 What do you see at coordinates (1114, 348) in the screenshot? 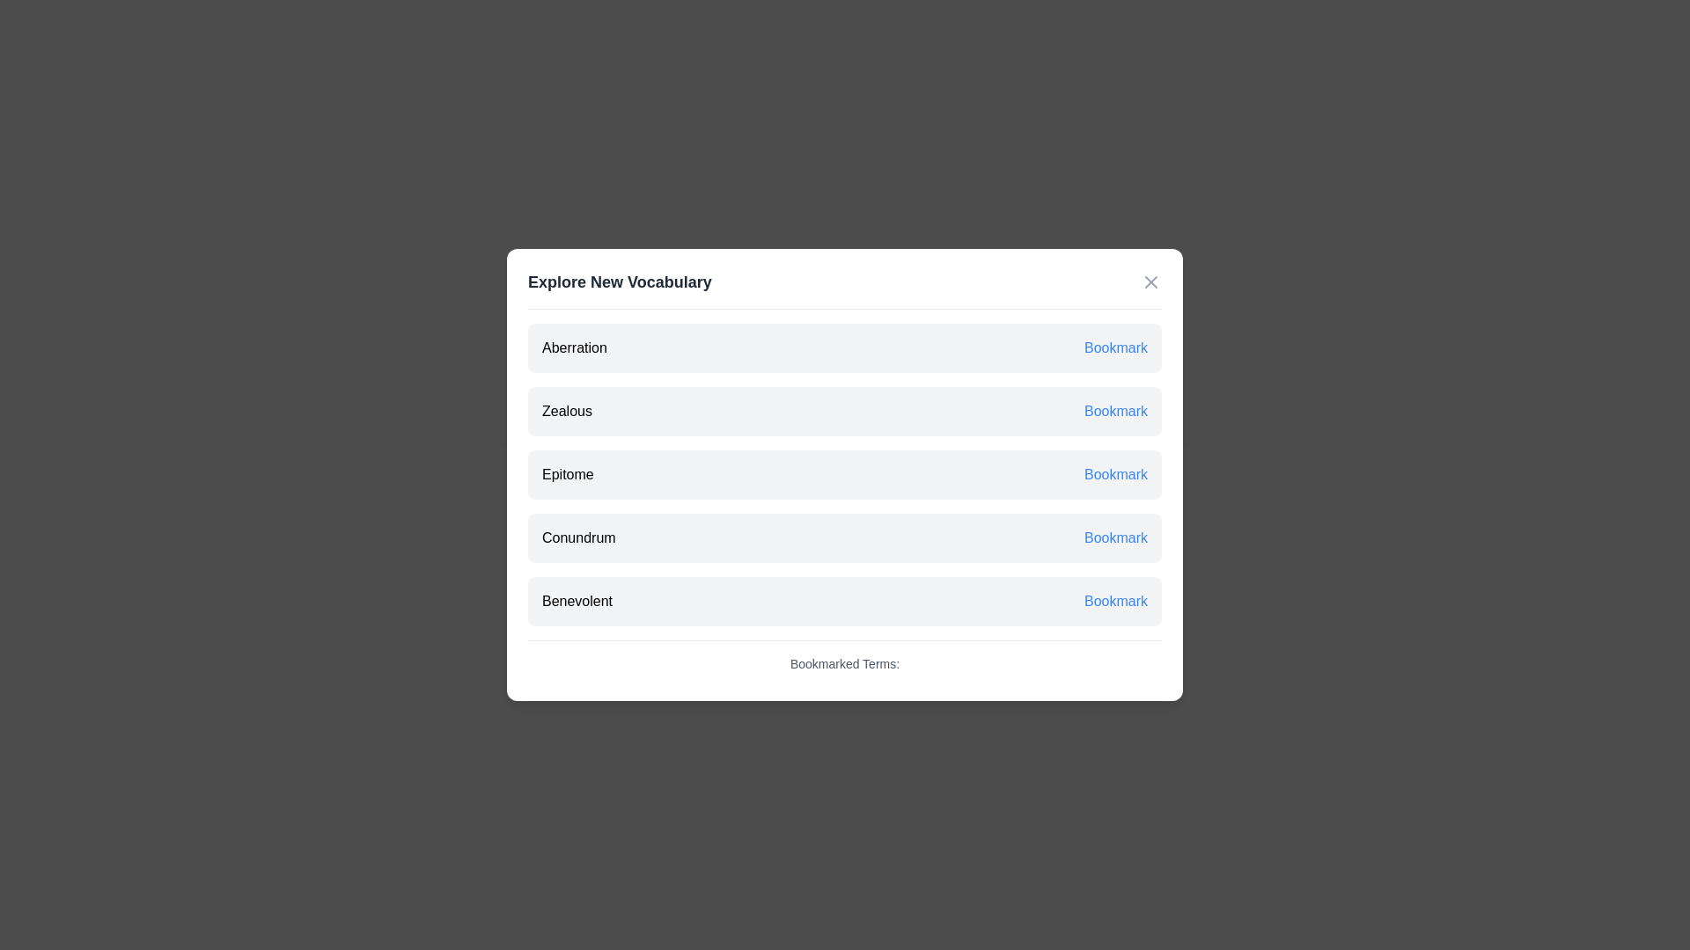
I see `the 'Bookmark' button for the term Aberration` at bounding box center [1114, 348].